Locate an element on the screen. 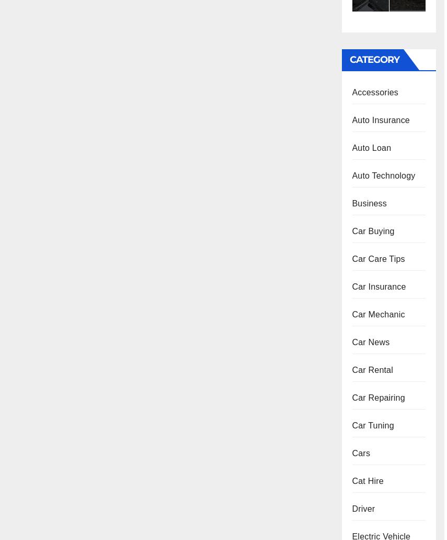 The image size is (447, 540). 'Car Mechanic' is located at coordinates (377, 314).